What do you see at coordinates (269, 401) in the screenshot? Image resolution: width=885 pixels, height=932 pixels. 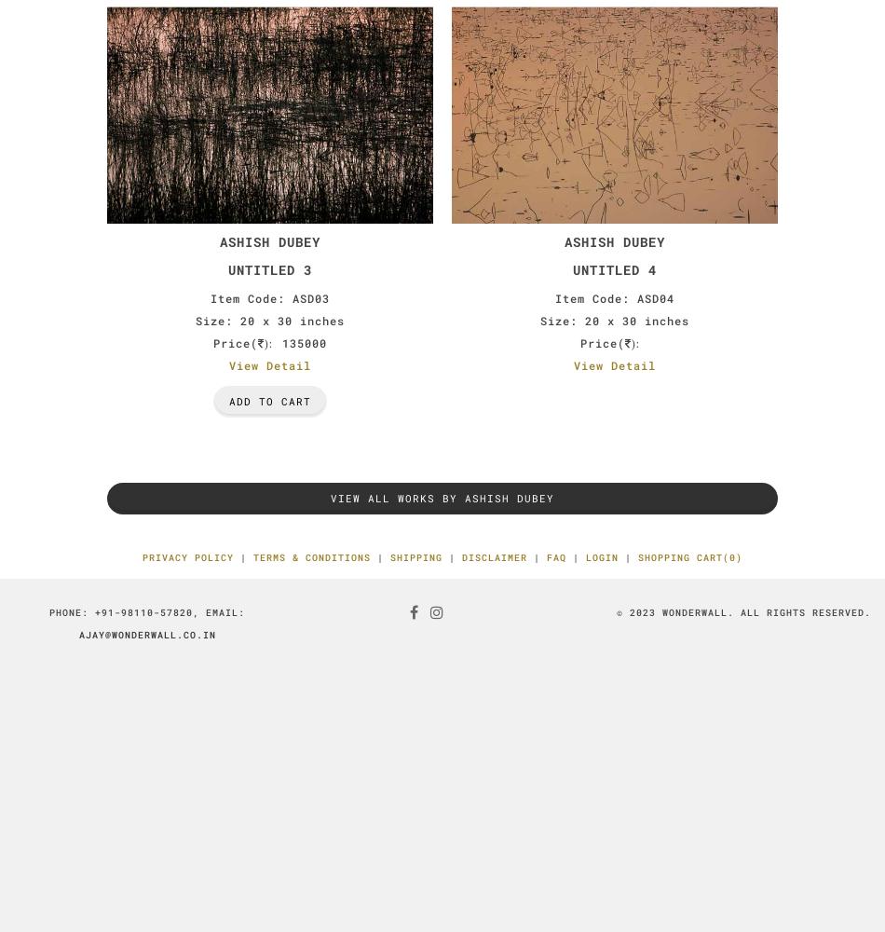 I see `'Add To Cart'` at bounding box center [269, 401].